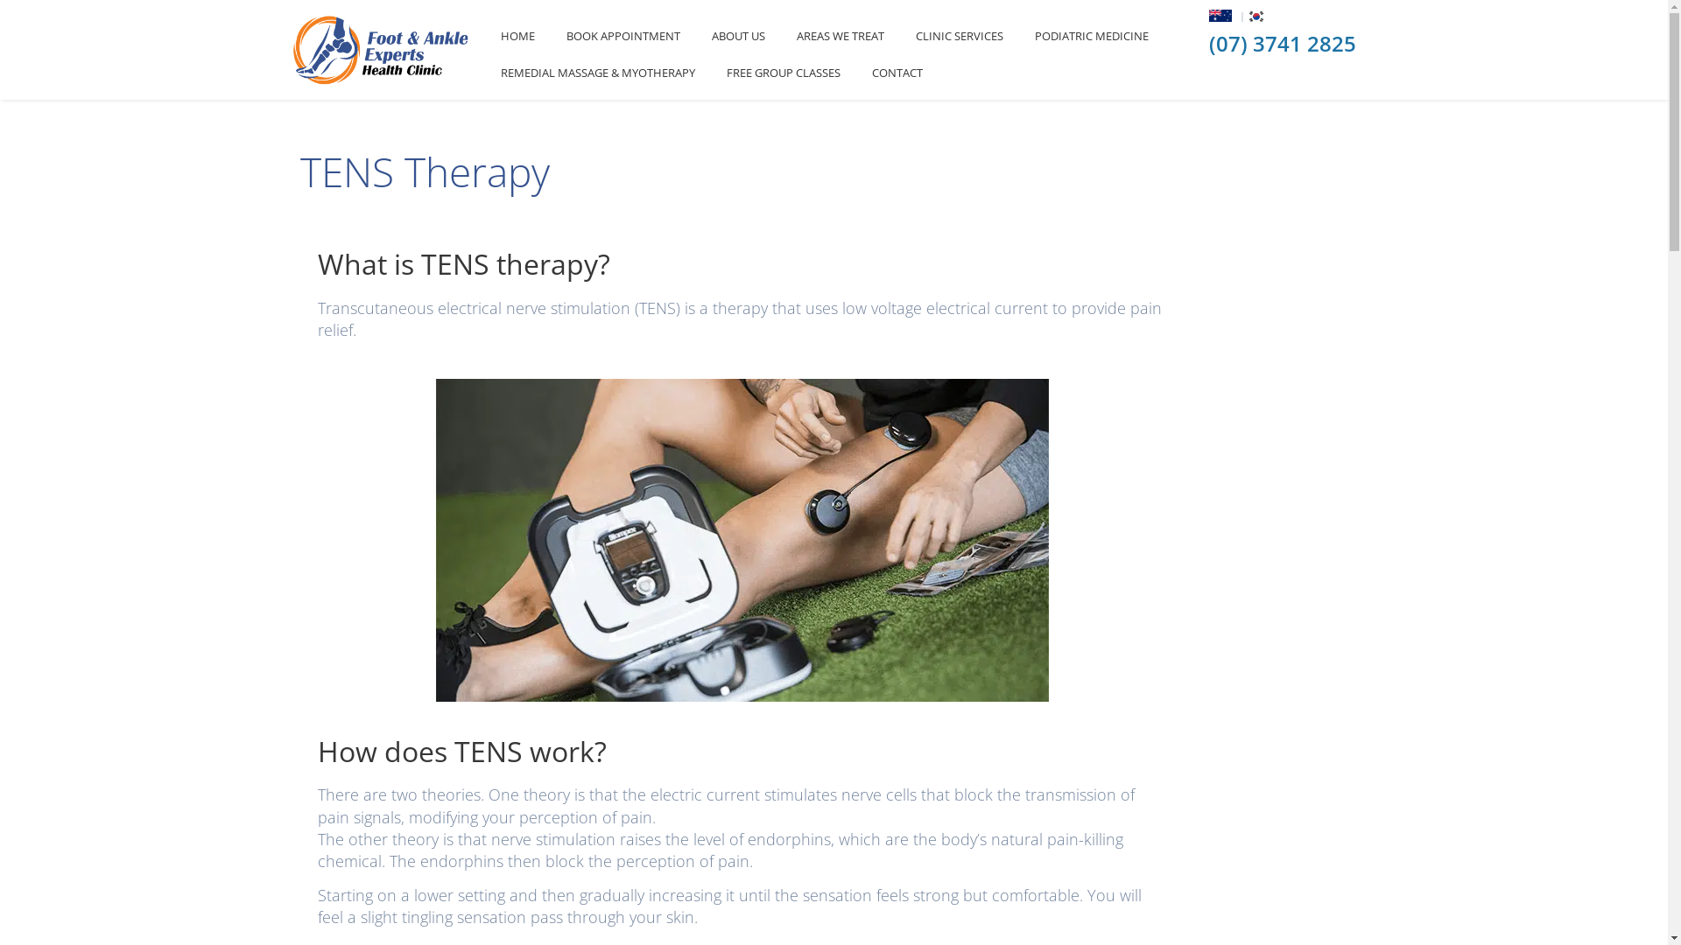 The image size is (1681, 945). What do you see at coordinates (782, 72) in the screenshot?
I see `'FREE GROUP CLASSES'` at bounding box center [782, 72].